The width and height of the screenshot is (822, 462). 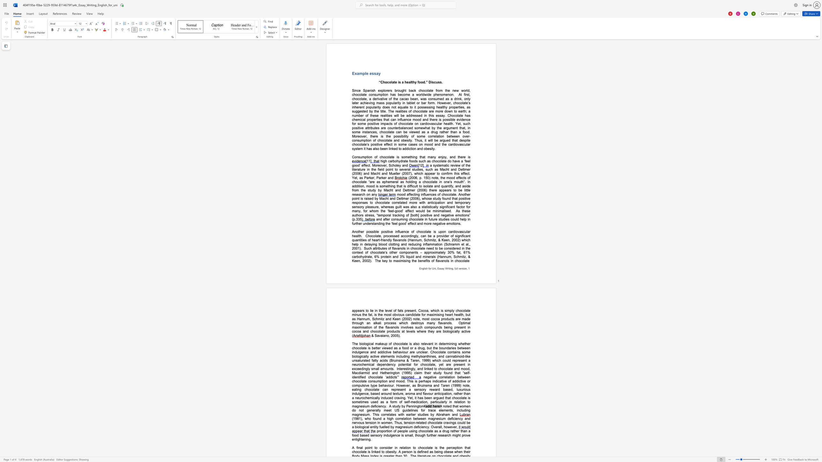 What do you see at coordinates (396, 252) in the screenshot?
I see `the 3th character "r" in the text` at bounding box center [396, 252].